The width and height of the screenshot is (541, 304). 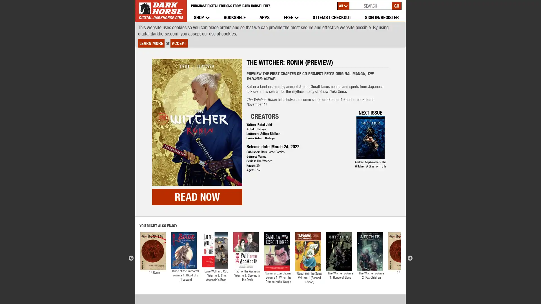 I want to click on GO, so click(x=396, y=5).